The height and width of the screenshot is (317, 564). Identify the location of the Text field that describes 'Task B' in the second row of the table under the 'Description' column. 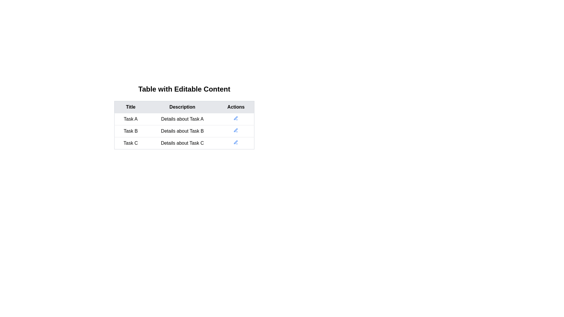
(182, 131).